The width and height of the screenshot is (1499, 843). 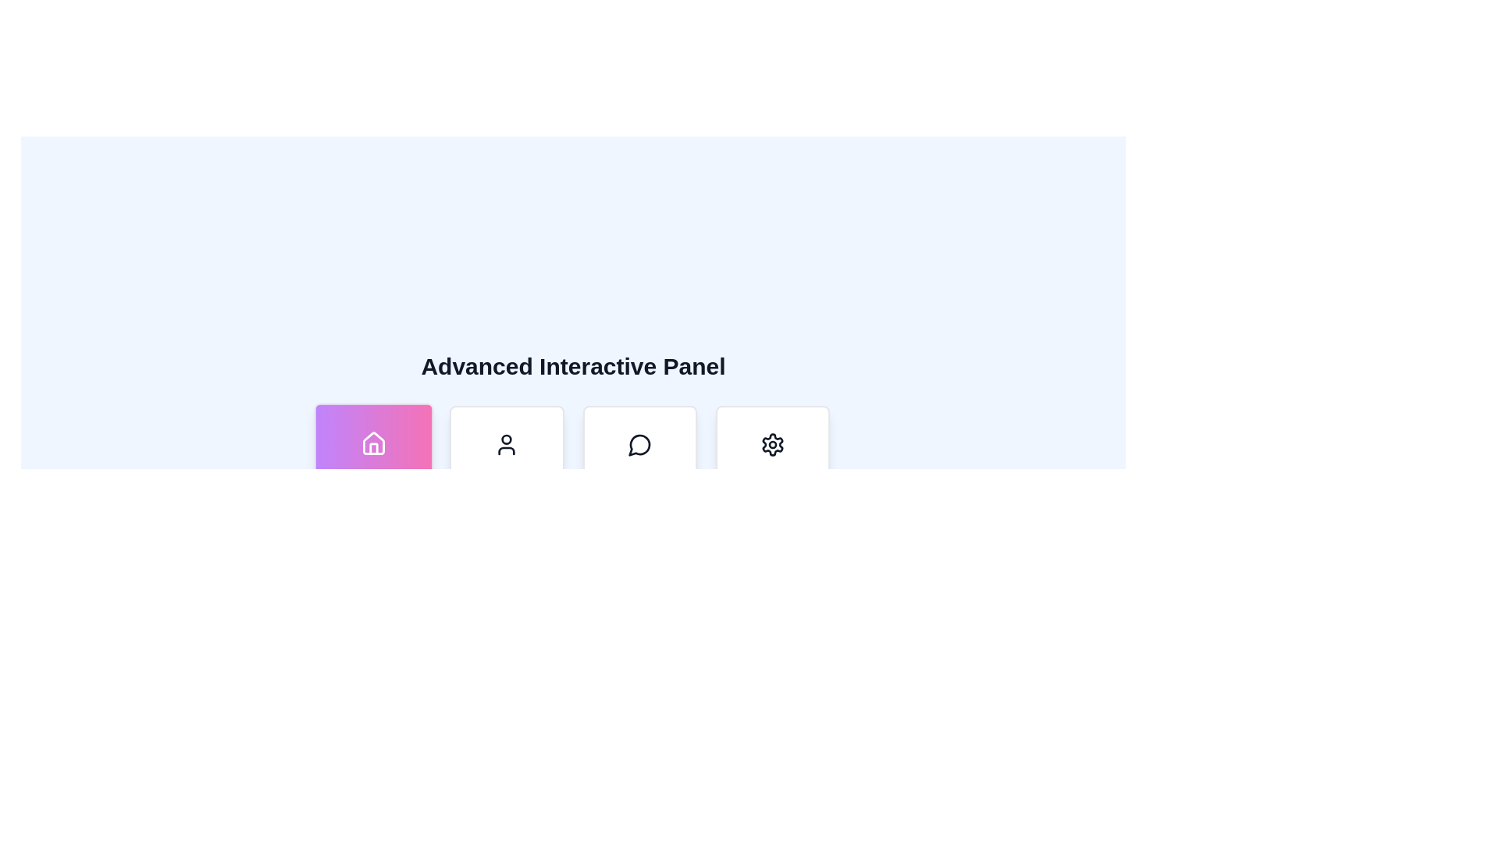 I want to click on the small circular graphical icon detail located inside the user-profile icon in the second tile from the left in the bottom navigation bar, so click(x=507, y=439).